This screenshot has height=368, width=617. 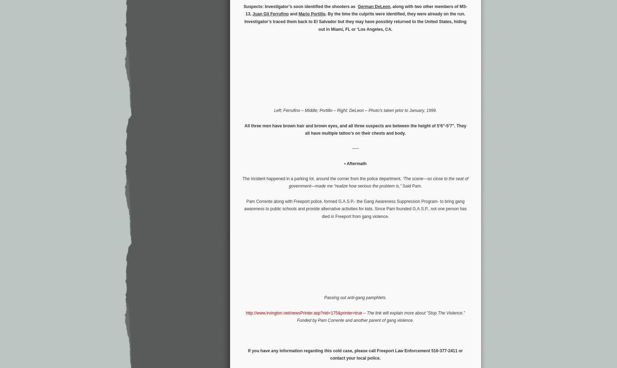 I want to click on 'Passing out anti-gang pamphlets.', so click(x=355, y=297).